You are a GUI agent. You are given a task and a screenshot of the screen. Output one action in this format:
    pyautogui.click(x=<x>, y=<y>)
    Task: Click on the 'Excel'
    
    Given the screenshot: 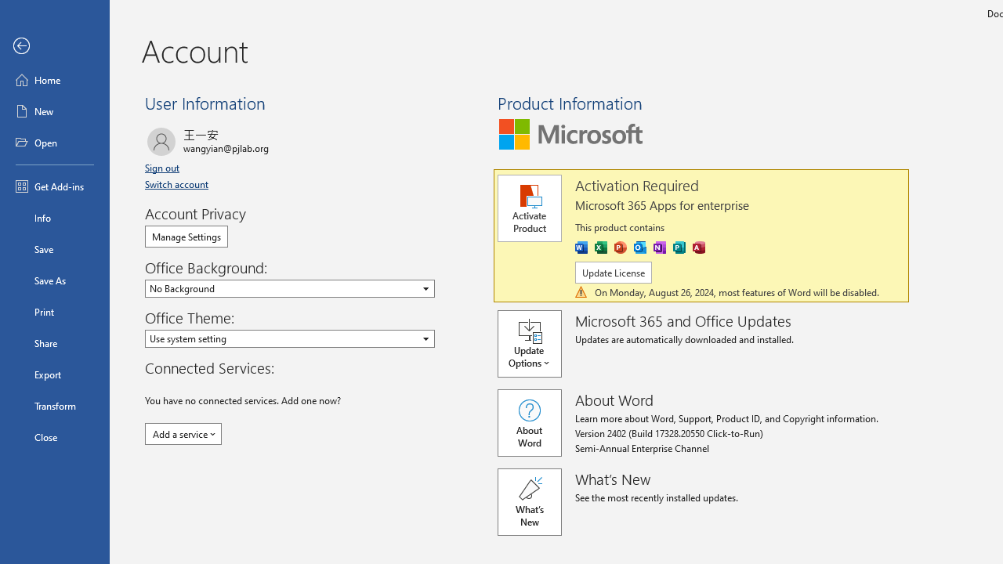 What is the action you would take?
    pyautogui.click(x=599, y=247)
    